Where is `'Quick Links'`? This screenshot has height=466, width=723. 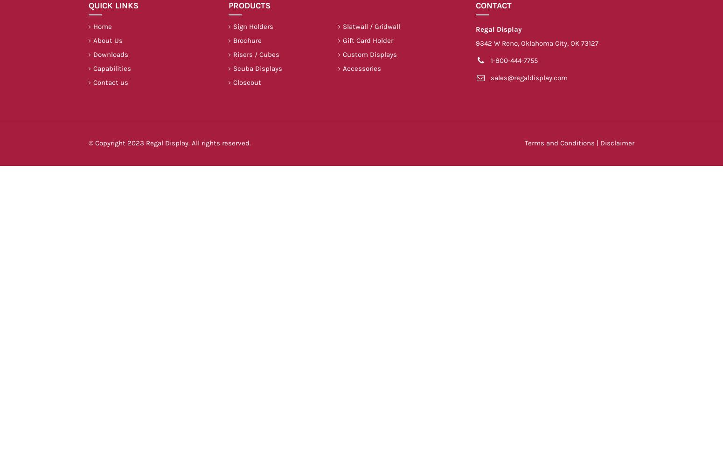
'Quick Links' is located at coordinates (88, 6).